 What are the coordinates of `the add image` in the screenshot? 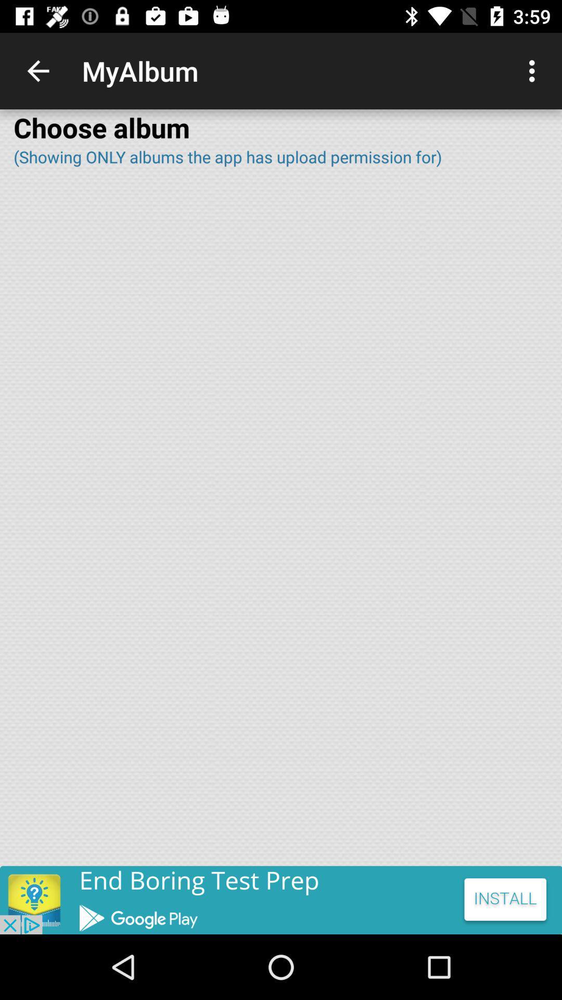 It's located at (281, 899).